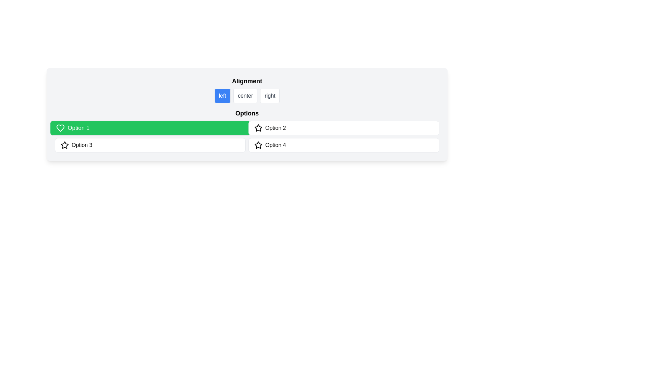  Describe the element at coordinates (64, 145) in the screenshot. I see `the interactive star icon, located immediately to the left of the text 'Option 2'` at that location.